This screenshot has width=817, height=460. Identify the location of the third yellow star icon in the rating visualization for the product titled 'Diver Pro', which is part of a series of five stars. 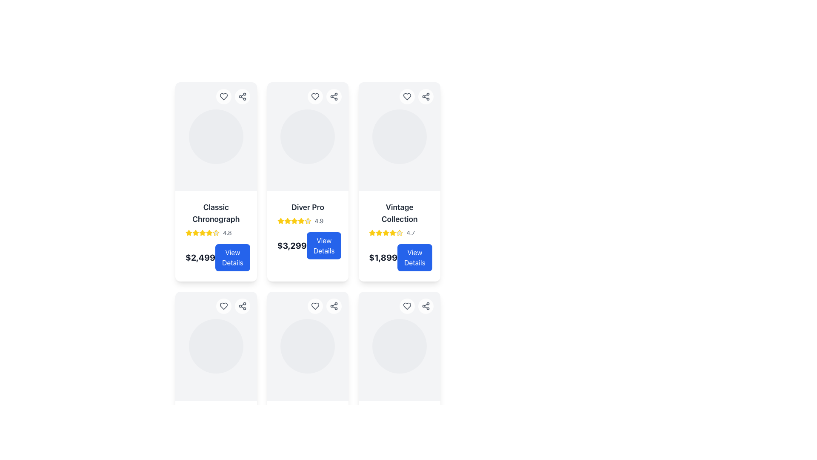
(287, 221).